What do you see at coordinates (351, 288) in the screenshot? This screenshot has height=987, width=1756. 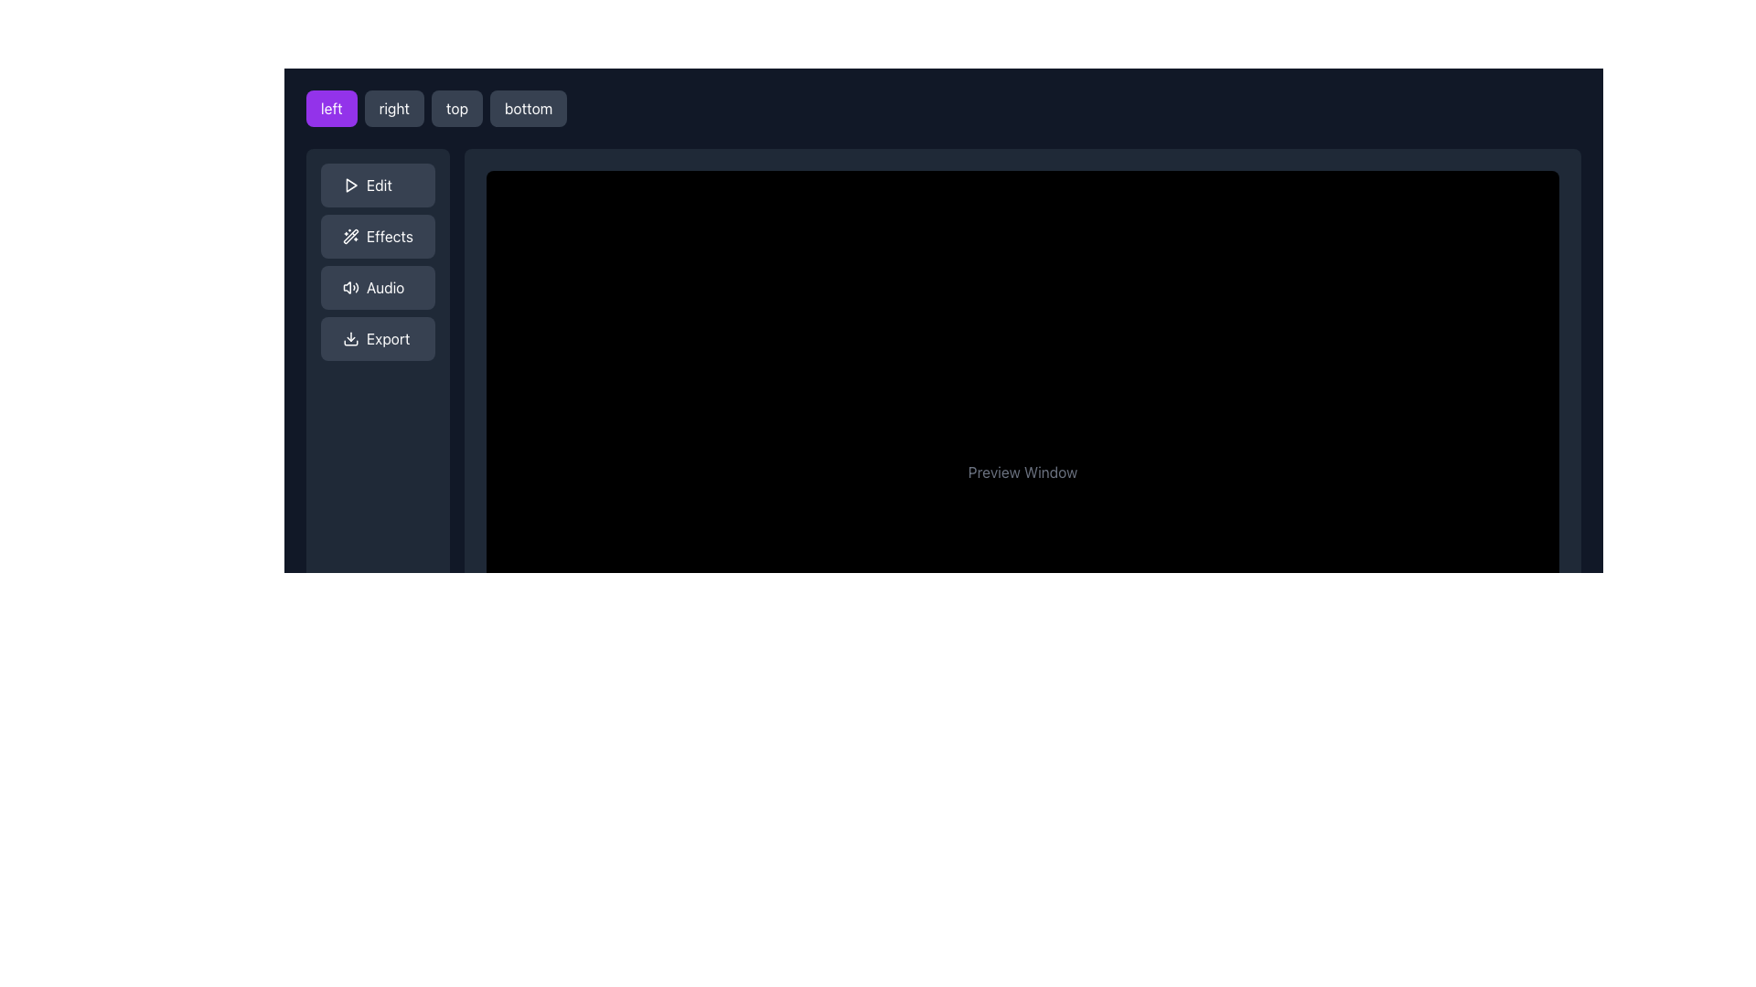 I see `the audio icon, which resembles a speaker with sound waves, located in the sidebar section of the interface next to the 'Audio' menu label` at bounding box center [351, 288].